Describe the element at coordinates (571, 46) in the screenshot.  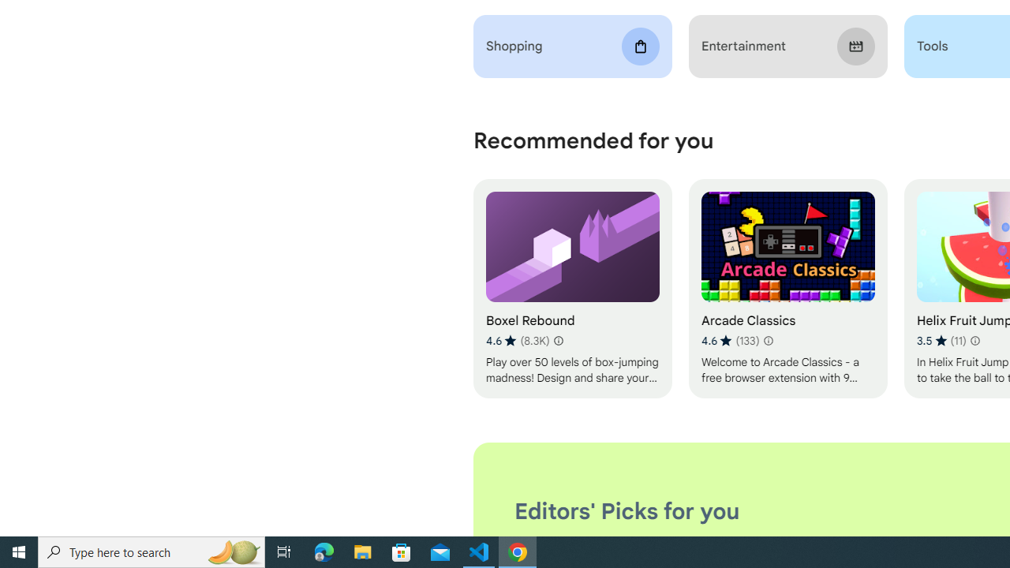
I see `'Shopping'` at that location.